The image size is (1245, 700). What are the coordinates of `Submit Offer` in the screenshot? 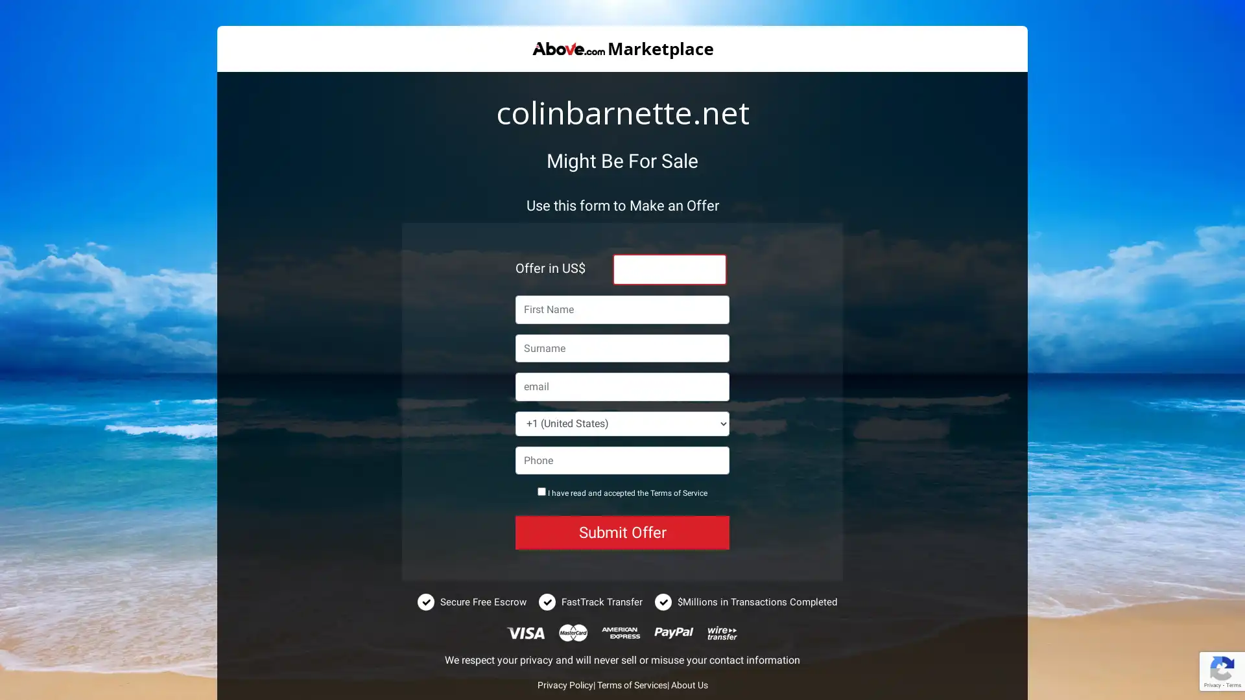 It's located at (622, 532).